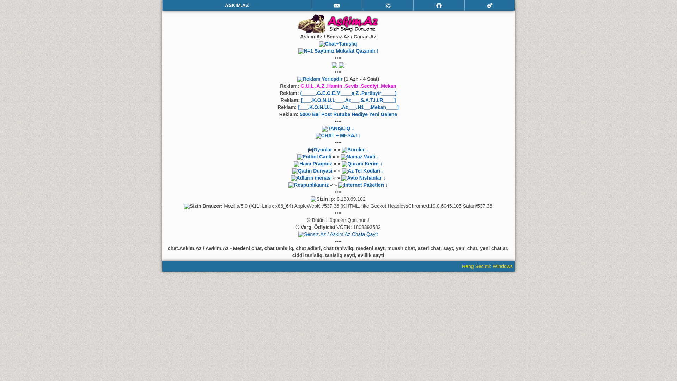 The image size is (677, 381). I want to click on '5000 Bal Post Rutube Hediye Yeni Gelene', so click(348, 114).